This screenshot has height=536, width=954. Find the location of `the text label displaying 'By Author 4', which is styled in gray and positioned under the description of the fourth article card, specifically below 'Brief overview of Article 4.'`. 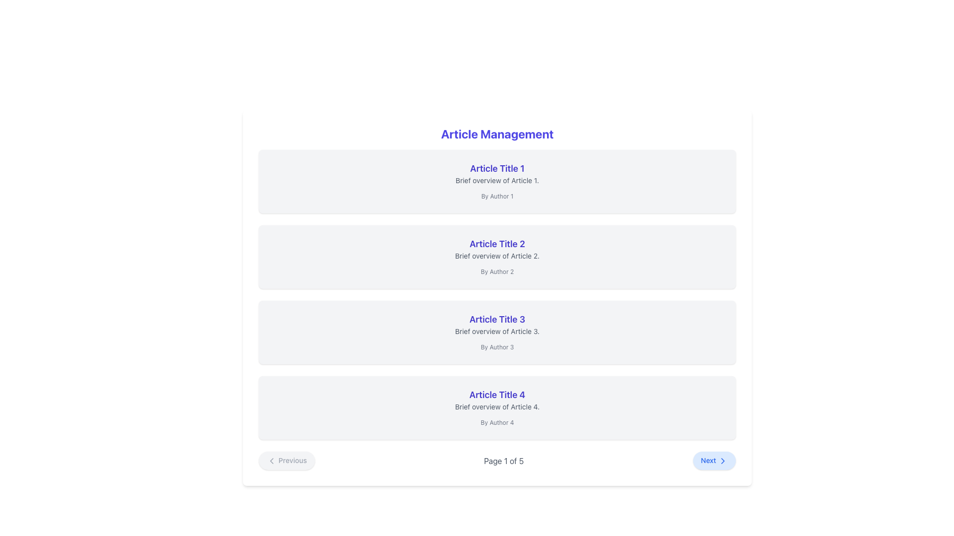

the text label displaying 'By Author 4', which is styled in gray and positioned under the description of the fourth article card, specifically below 'Brief overview of Article 4.' is located at coordinates (497, 422).